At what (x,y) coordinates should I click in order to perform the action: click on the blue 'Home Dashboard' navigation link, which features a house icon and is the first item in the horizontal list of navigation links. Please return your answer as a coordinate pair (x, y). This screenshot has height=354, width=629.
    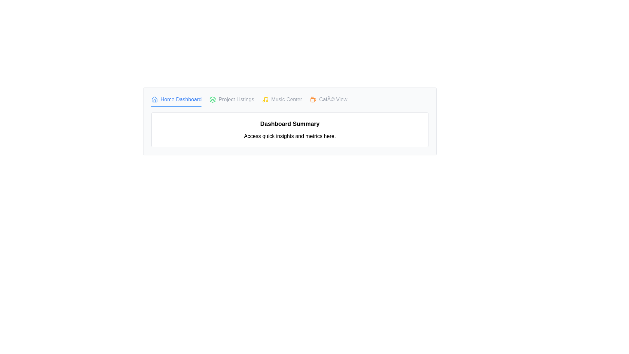
    Looking at the image, I should click on (176, 101).